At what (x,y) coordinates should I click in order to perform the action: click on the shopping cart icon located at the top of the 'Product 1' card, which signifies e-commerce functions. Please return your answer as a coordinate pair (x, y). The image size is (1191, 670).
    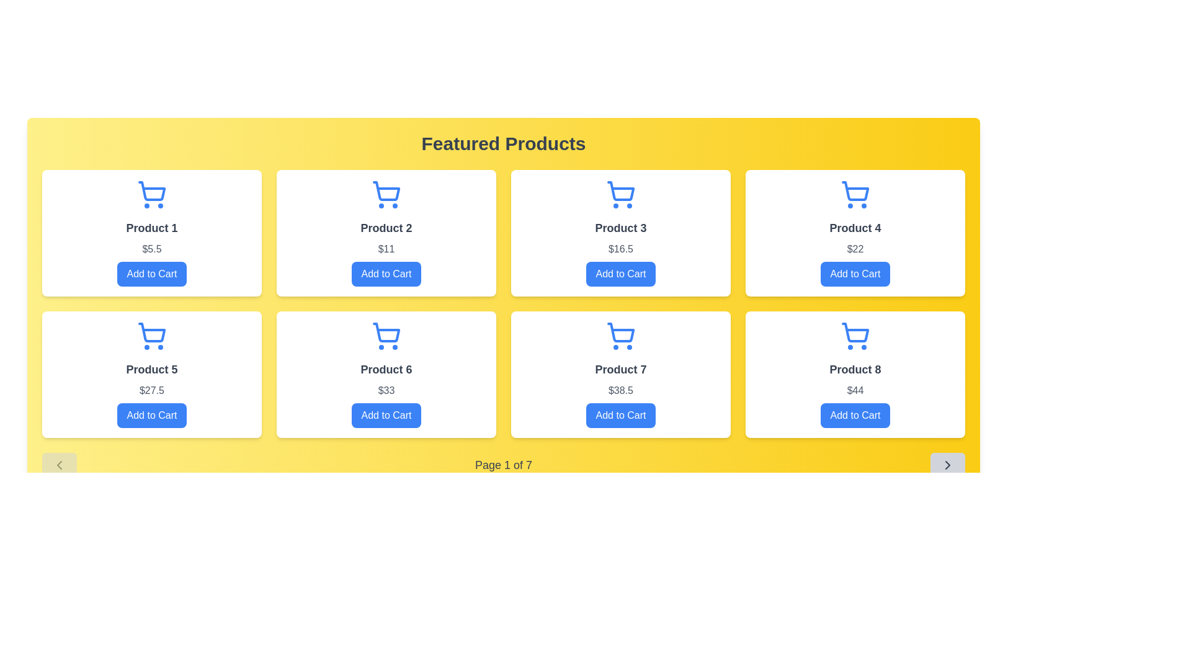
    Looking at the image, I should click on (151, 194).